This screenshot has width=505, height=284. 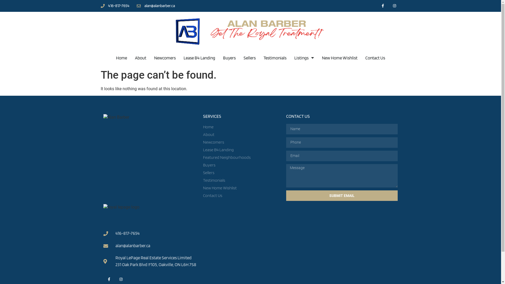 I want to click on 'alan@alanbarber.ca', so click(x=155, y=6).